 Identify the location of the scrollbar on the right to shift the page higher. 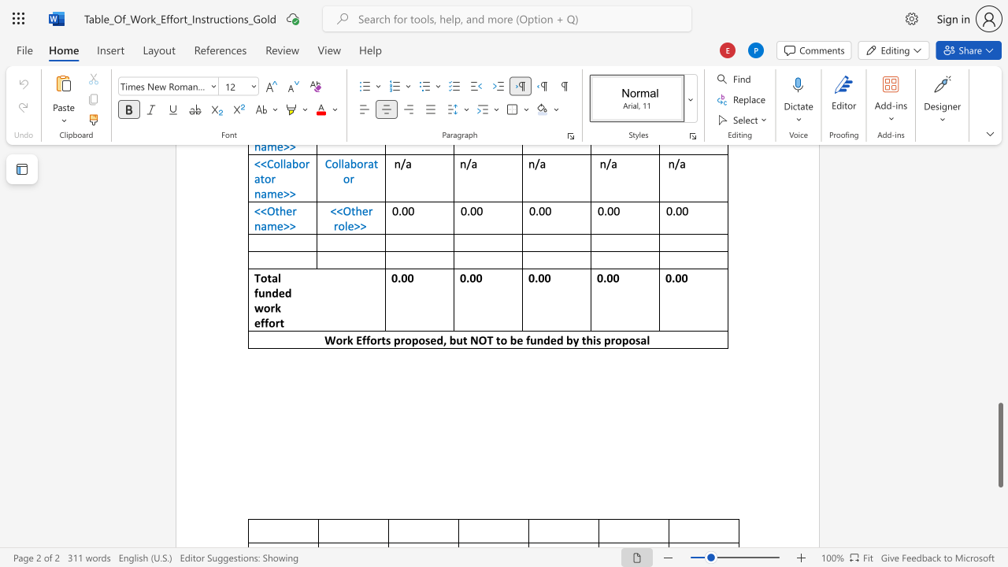
(999, 337).